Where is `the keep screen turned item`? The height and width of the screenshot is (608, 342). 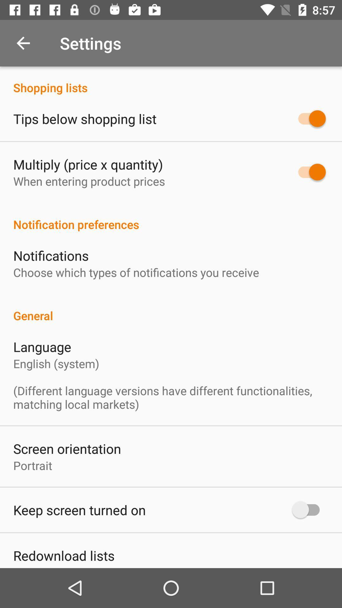 the keep screen turned item is located at coordinates (79, 510).